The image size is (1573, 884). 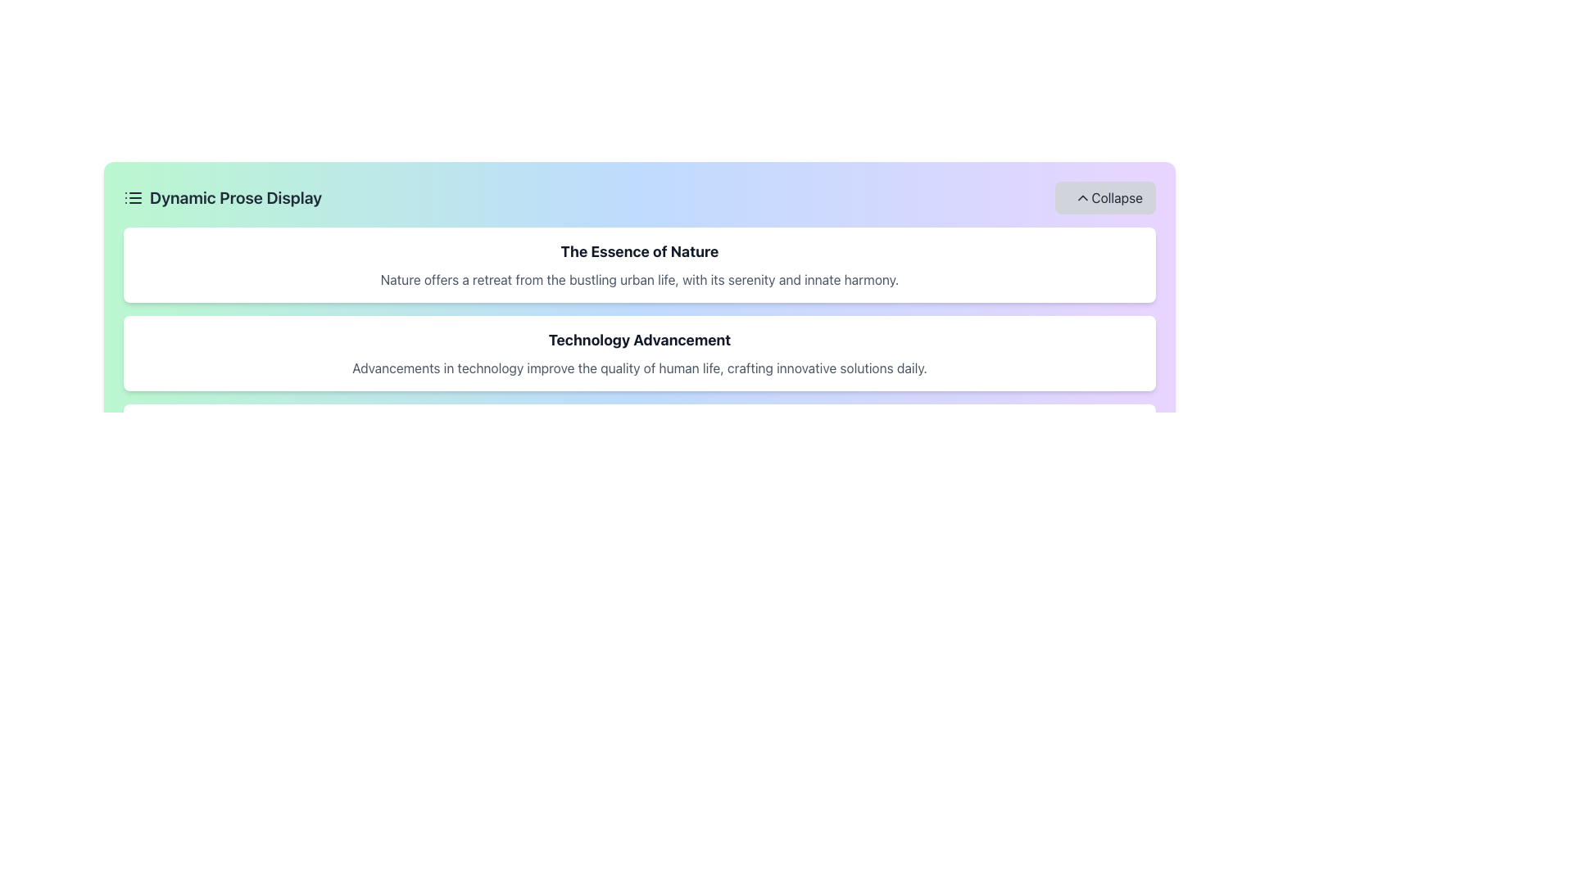 I want to click on text from the text label displaying 'Dynamic Prose Display', which is styled in bold and large font and located at the top left corner under a gradient background, so click(x=222, y=197).